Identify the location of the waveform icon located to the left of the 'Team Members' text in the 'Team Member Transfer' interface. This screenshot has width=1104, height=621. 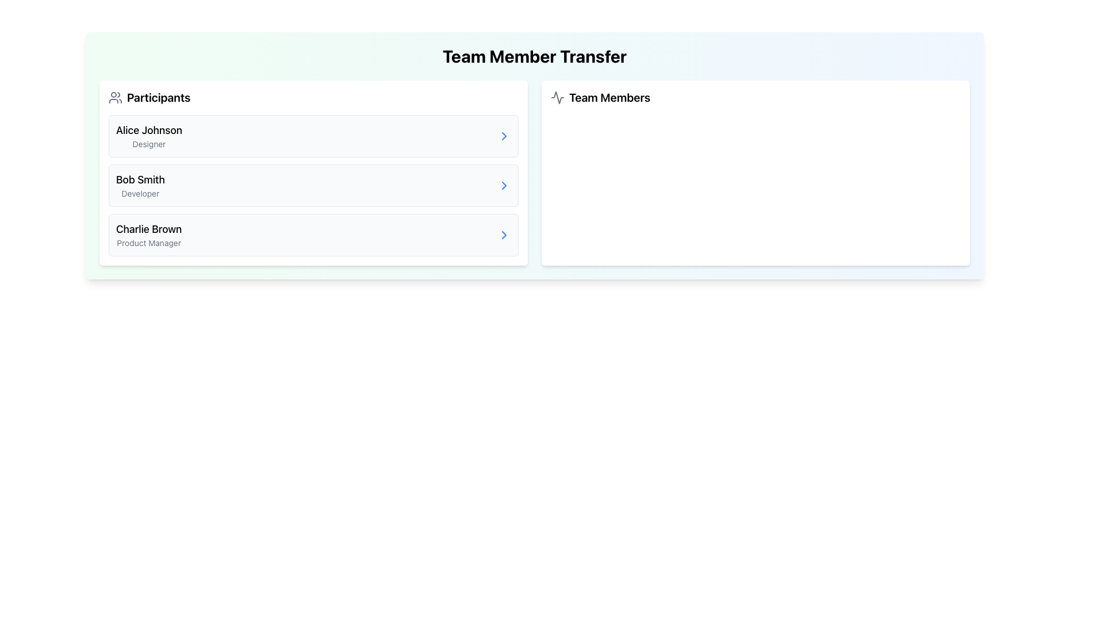
(557, 97).